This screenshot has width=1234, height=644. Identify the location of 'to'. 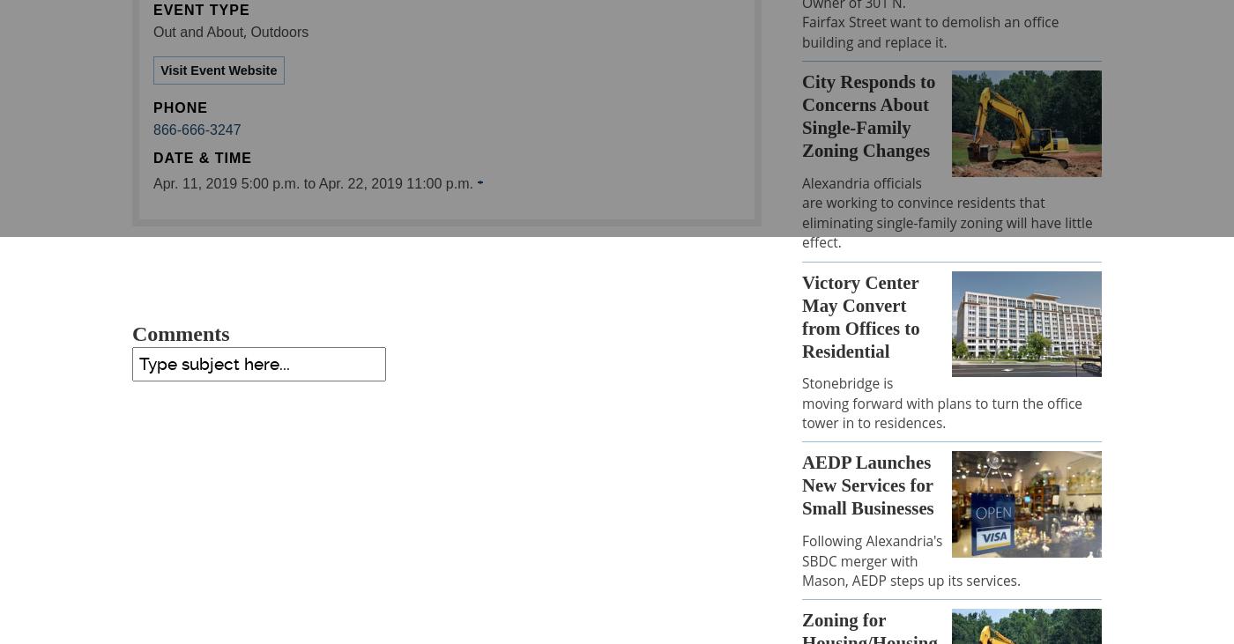
(308, 183).